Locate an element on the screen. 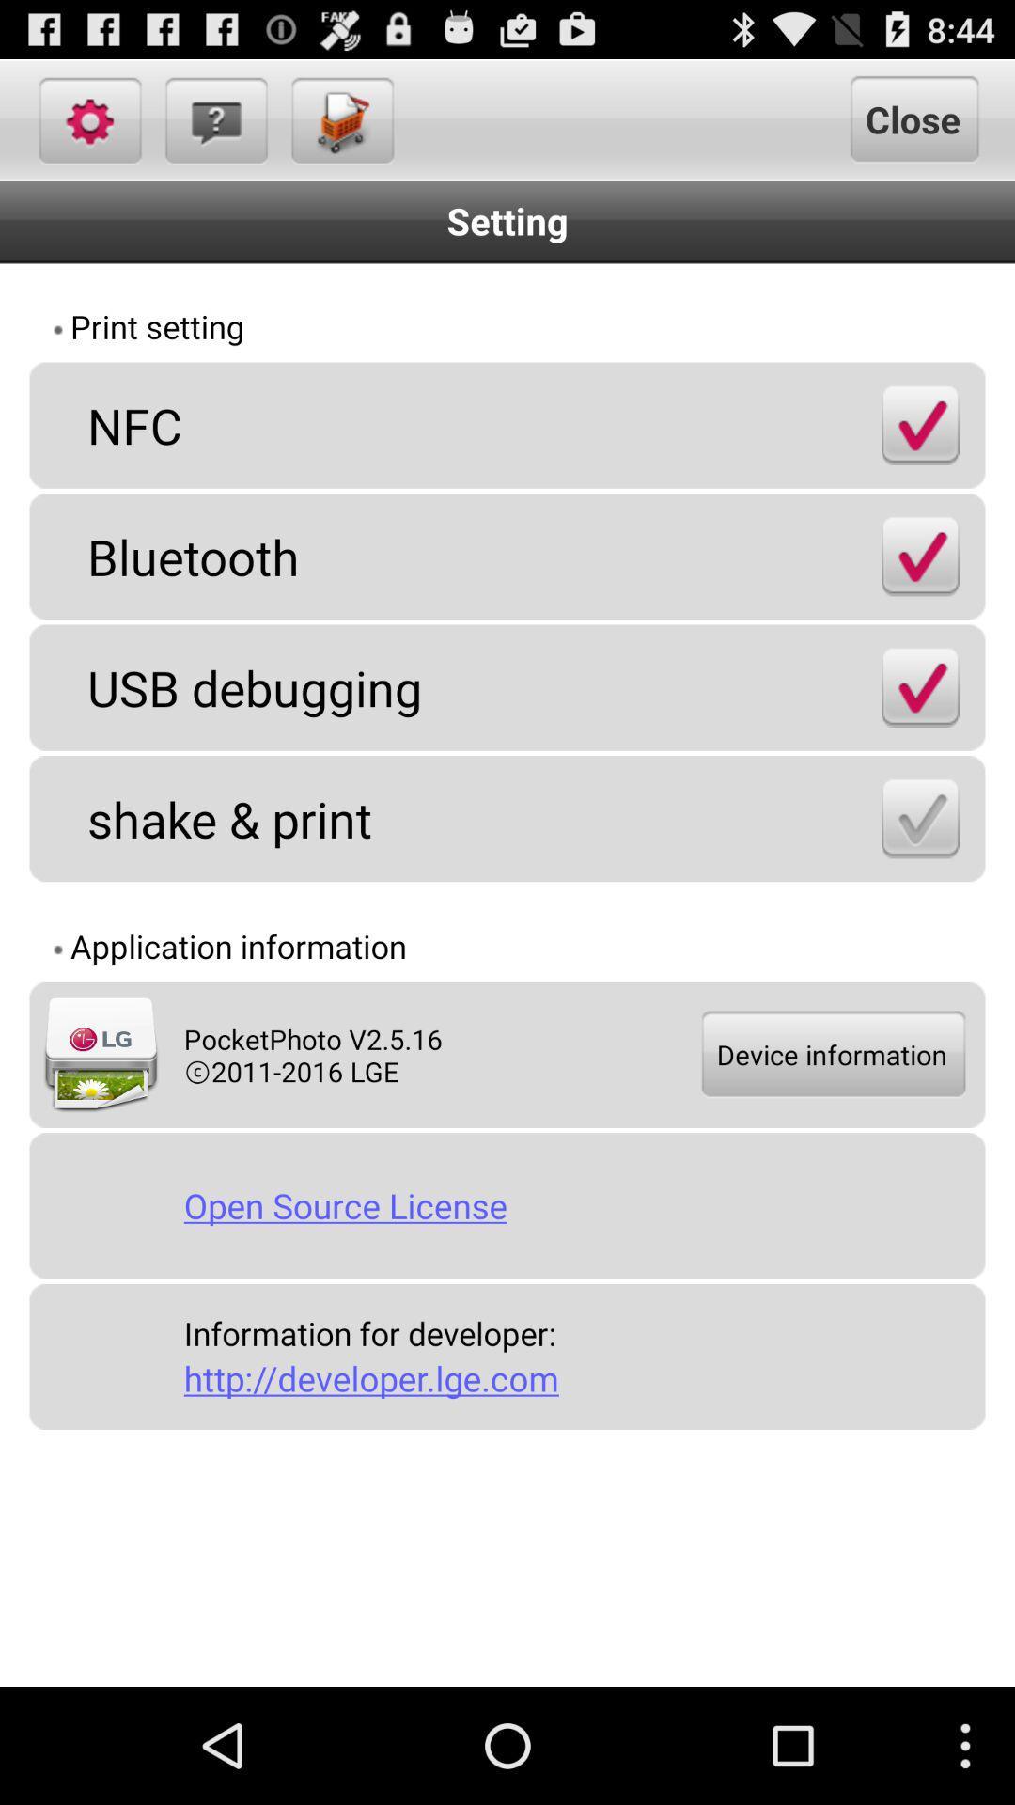  item to the right of print setting app is located at coordinates (862, 329).